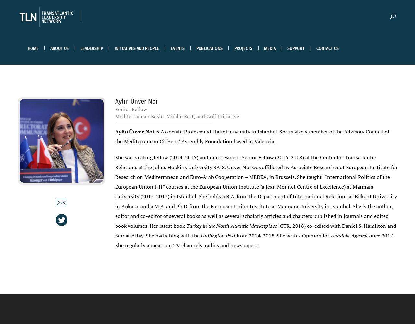 This screenshot has height=324, width=415. What do you see at coordinates (206, 107) in the screenshot?
I see `'Books'` at bounding box center [206, 107].